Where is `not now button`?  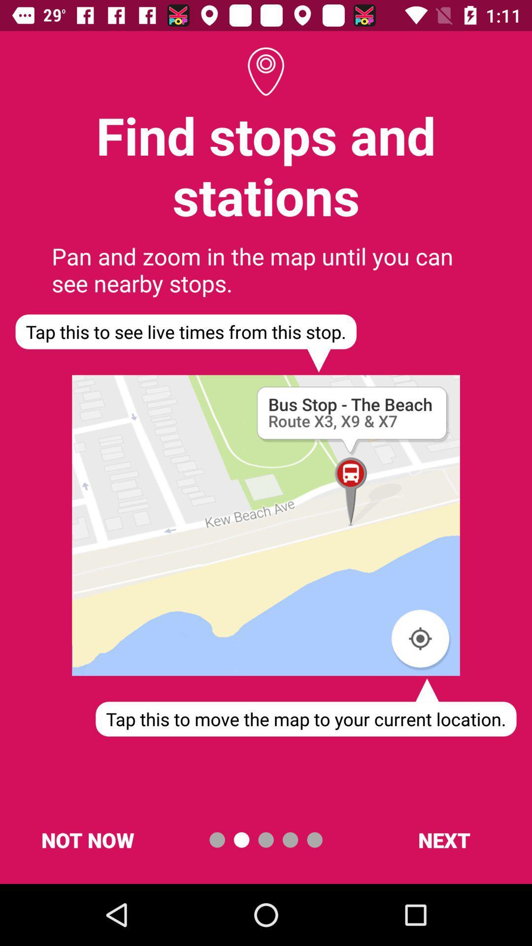
not now button is located at coordinates (87, 839).